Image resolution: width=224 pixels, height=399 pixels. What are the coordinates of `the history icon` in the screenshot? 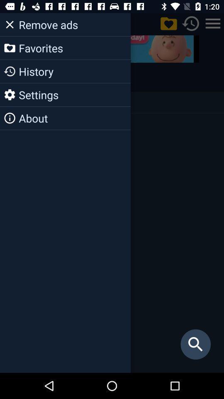 It's located at (12, 77).